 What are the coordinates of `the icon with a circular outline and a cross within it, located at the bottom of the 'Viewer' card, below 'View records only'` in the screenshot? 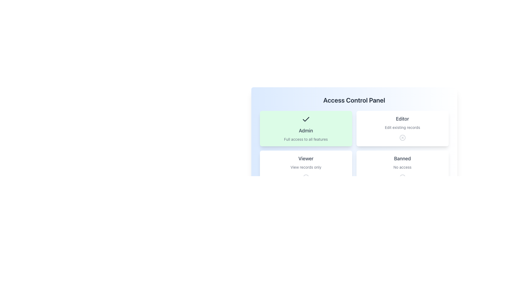 It's located at (306, 177).